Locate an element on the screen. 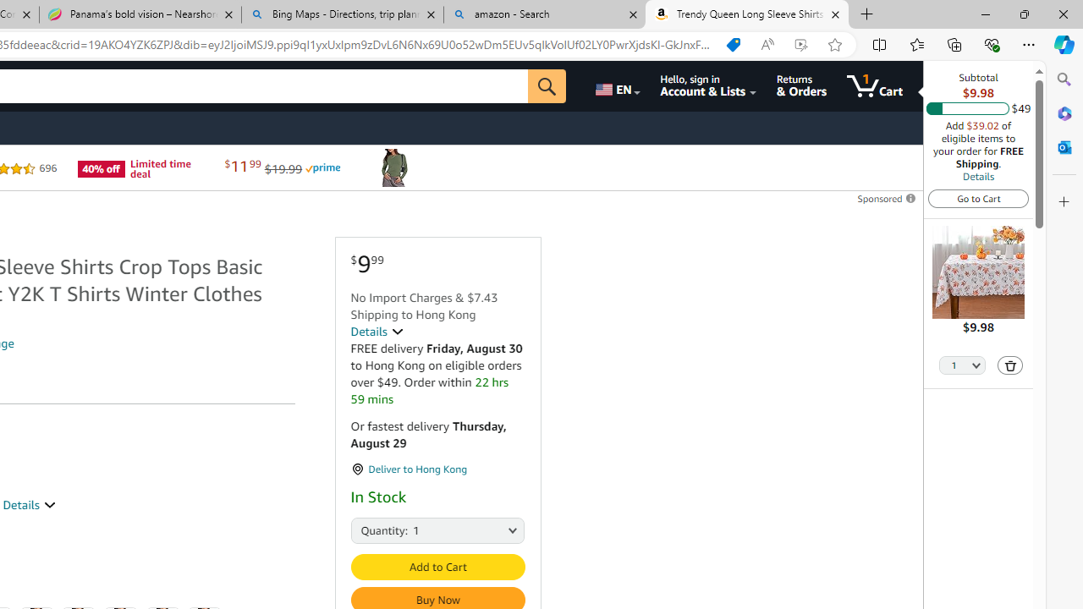 Image resolution: width=1083 pixels, height=609 pixels. 'Choose a language for shopping.' is located at coordinates (615, 85).